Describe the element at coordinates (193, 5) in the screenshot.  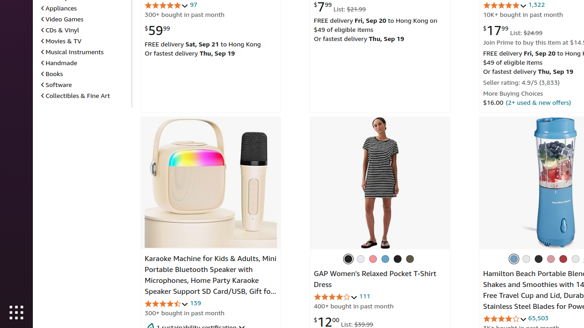
I see `'97'` at that location.